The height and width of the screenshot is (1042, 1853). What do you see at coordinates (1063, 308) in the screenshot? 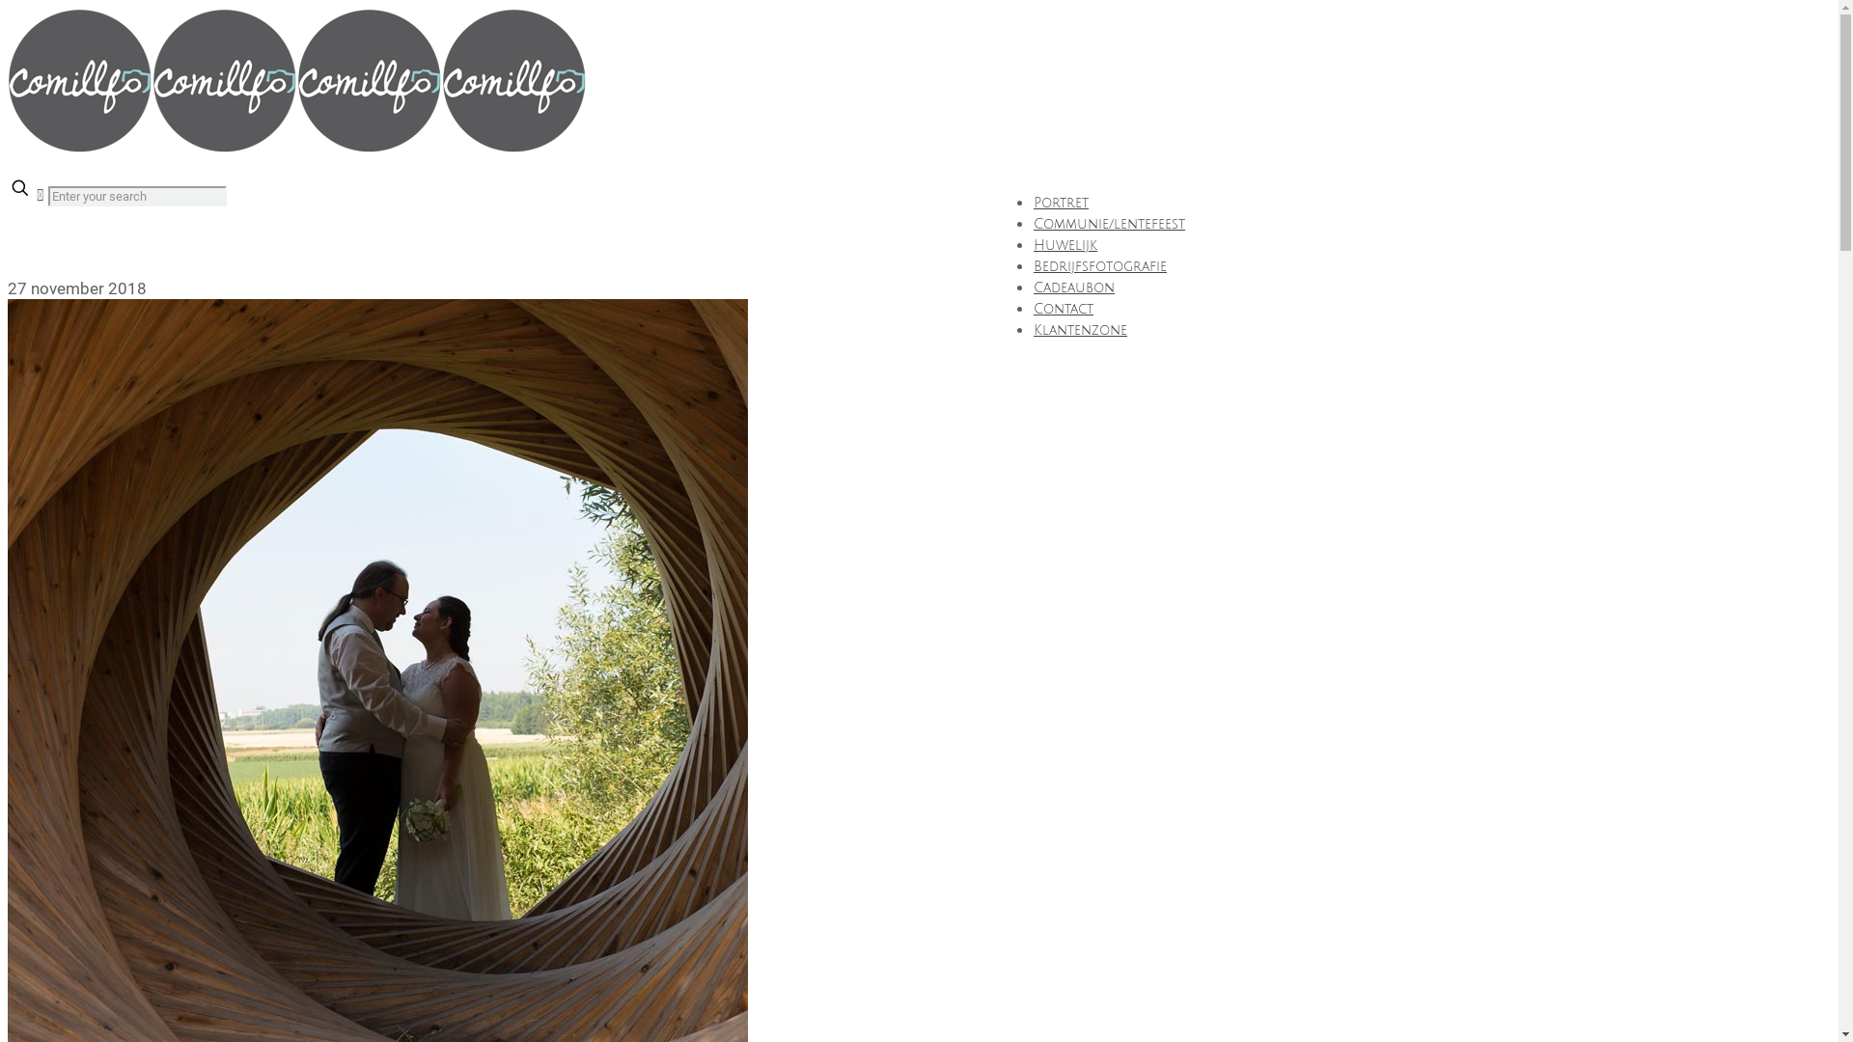
I see `'Contact'` at bounding box center [1063, 308].